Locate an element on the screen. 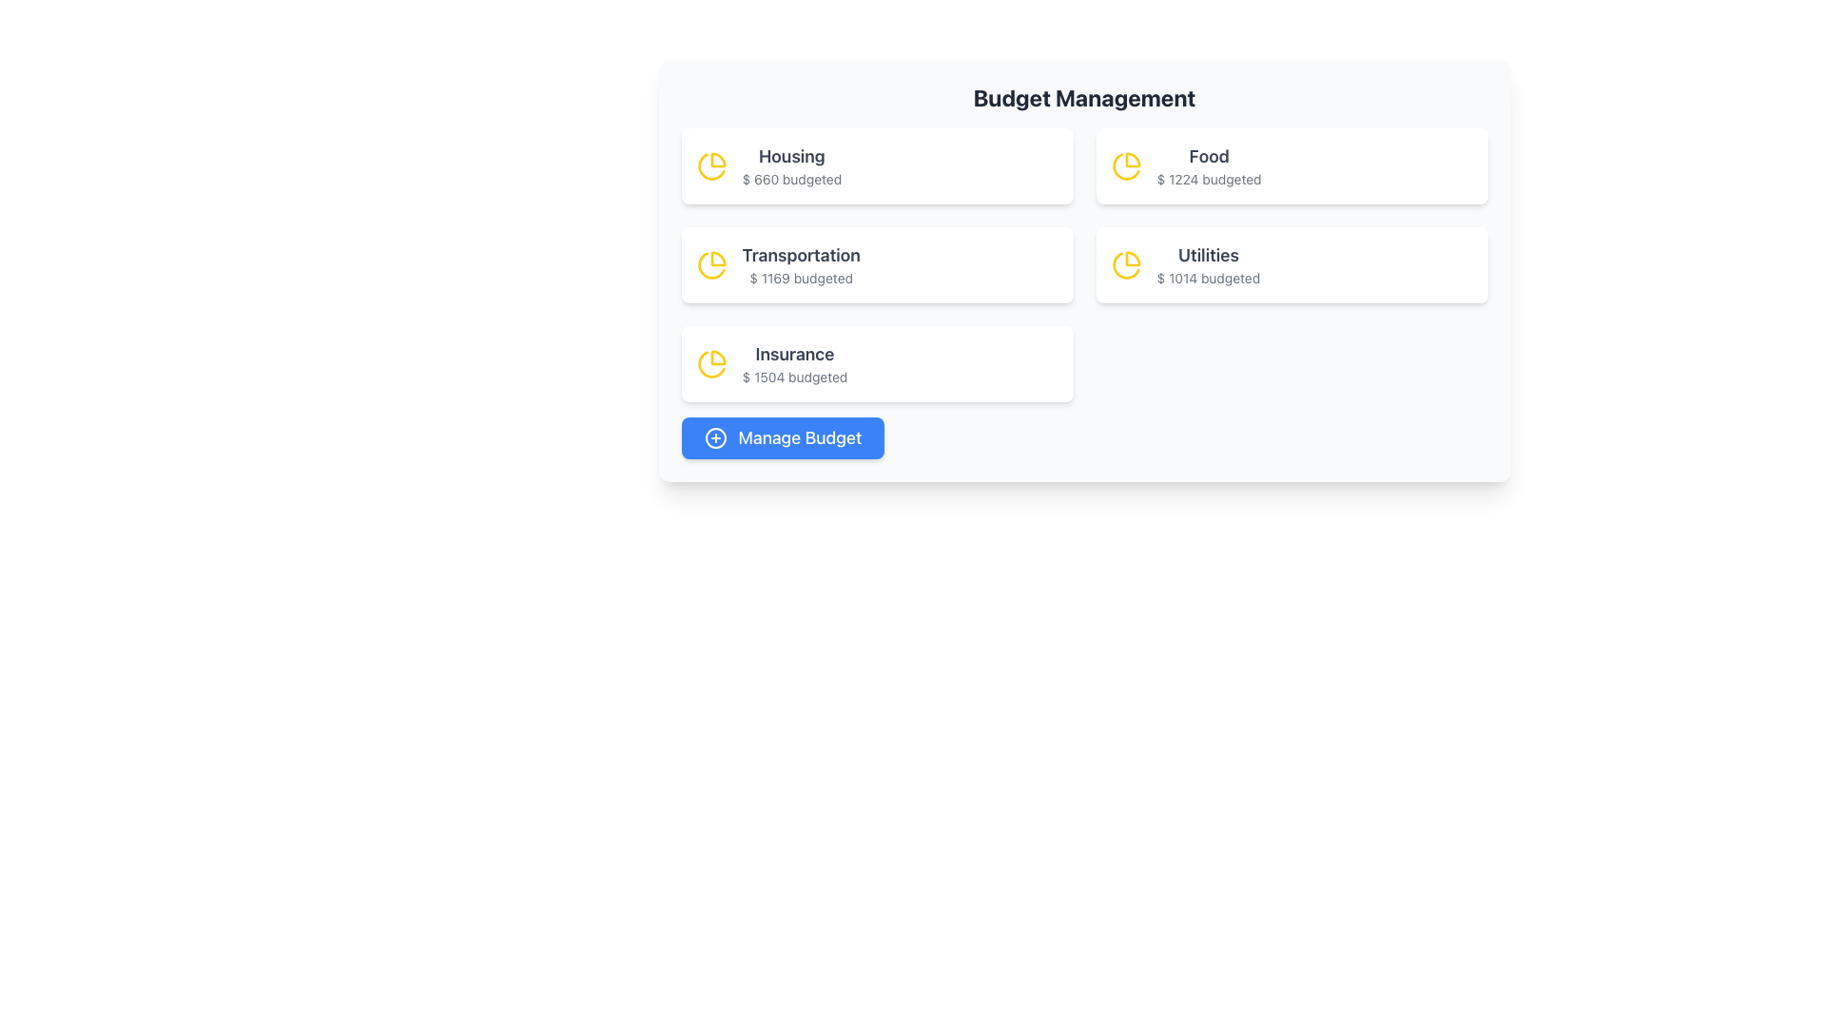 The image size is (1826, 1027). the 'Food' category icon segment in the pie chart located in the upper-right section of the interface, to the left of the 'Food' budget card is located at coordinates (1133, 159).